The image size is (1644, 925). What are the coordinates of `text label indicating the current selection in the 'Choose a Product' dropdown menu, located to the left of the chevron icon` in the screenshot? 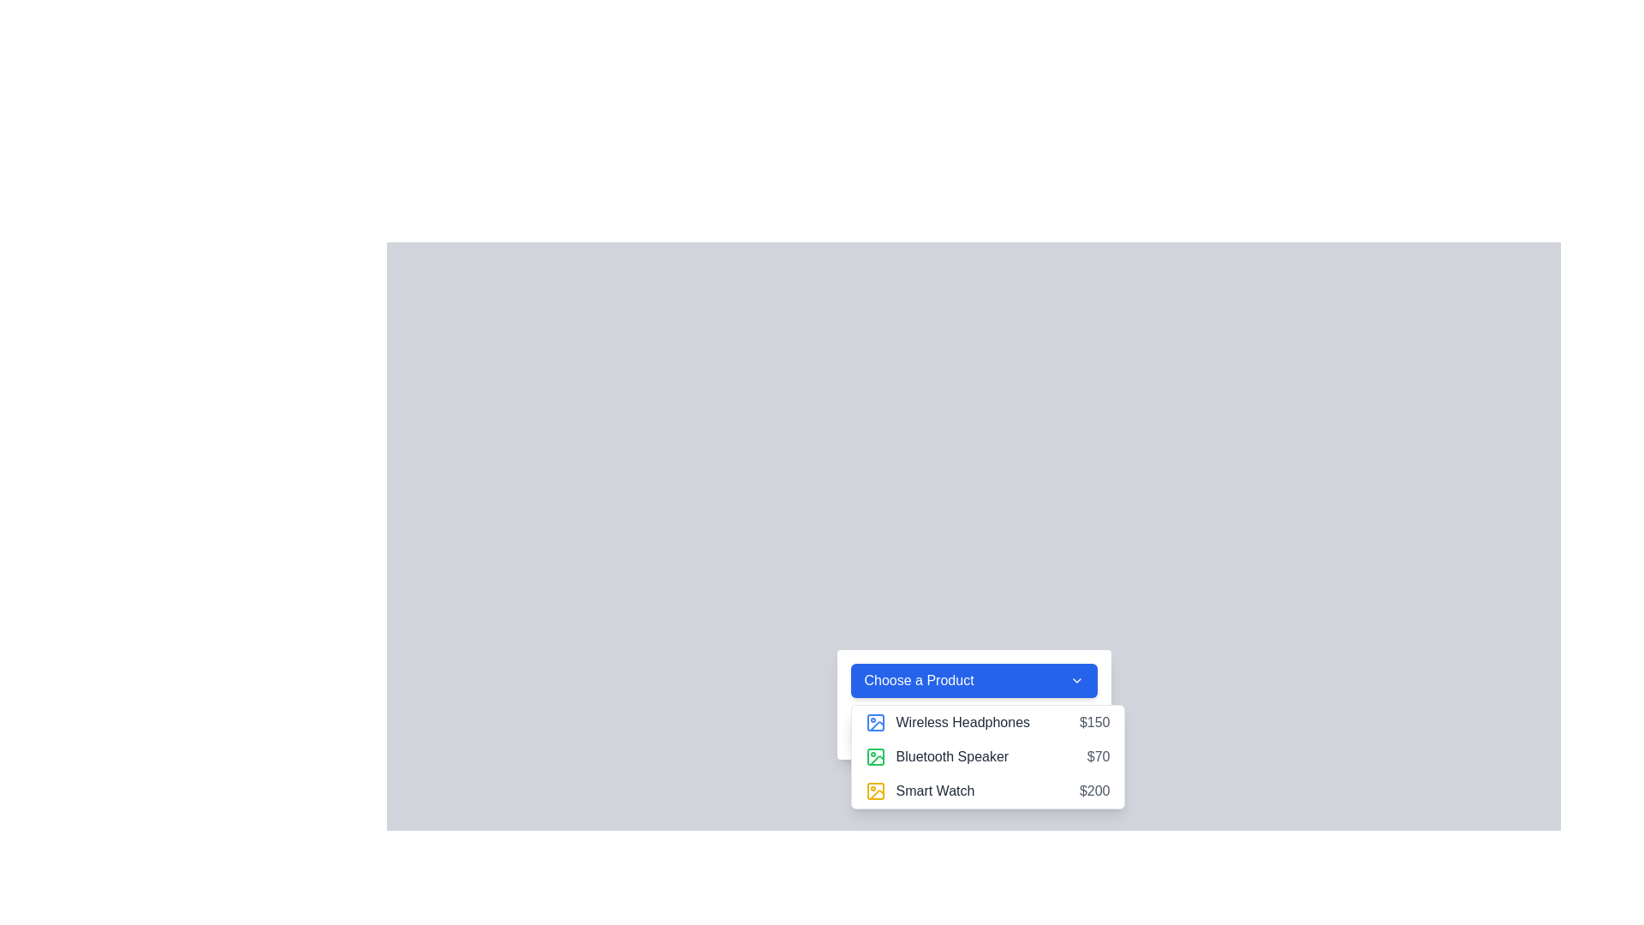 It's located at (918, 679).